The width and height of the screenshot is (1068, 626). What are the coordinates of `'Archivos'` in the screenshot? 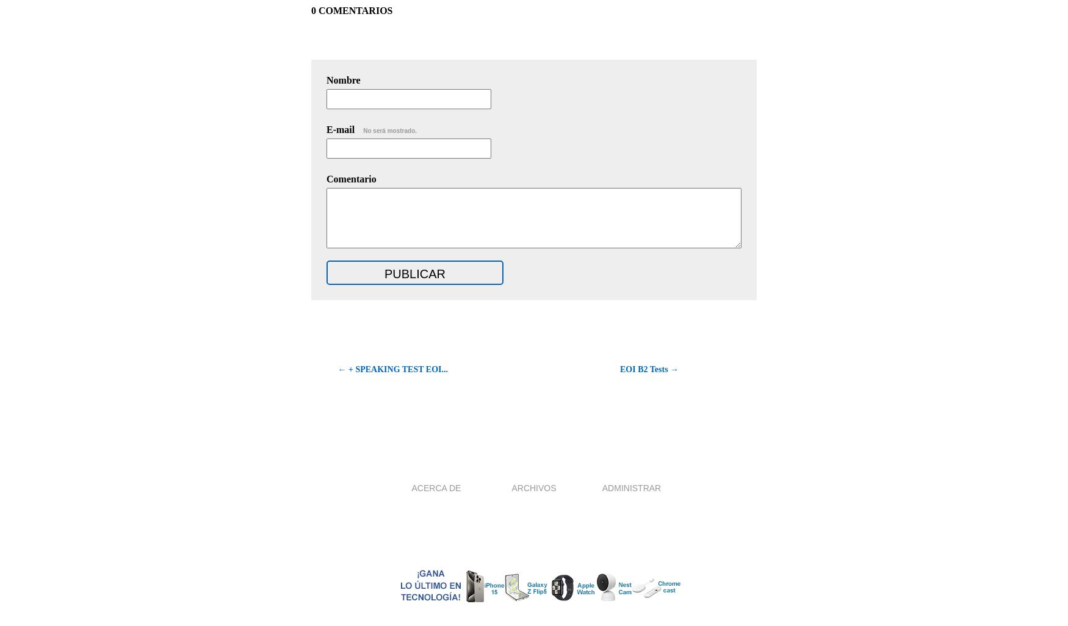 It's located at (533, 487).